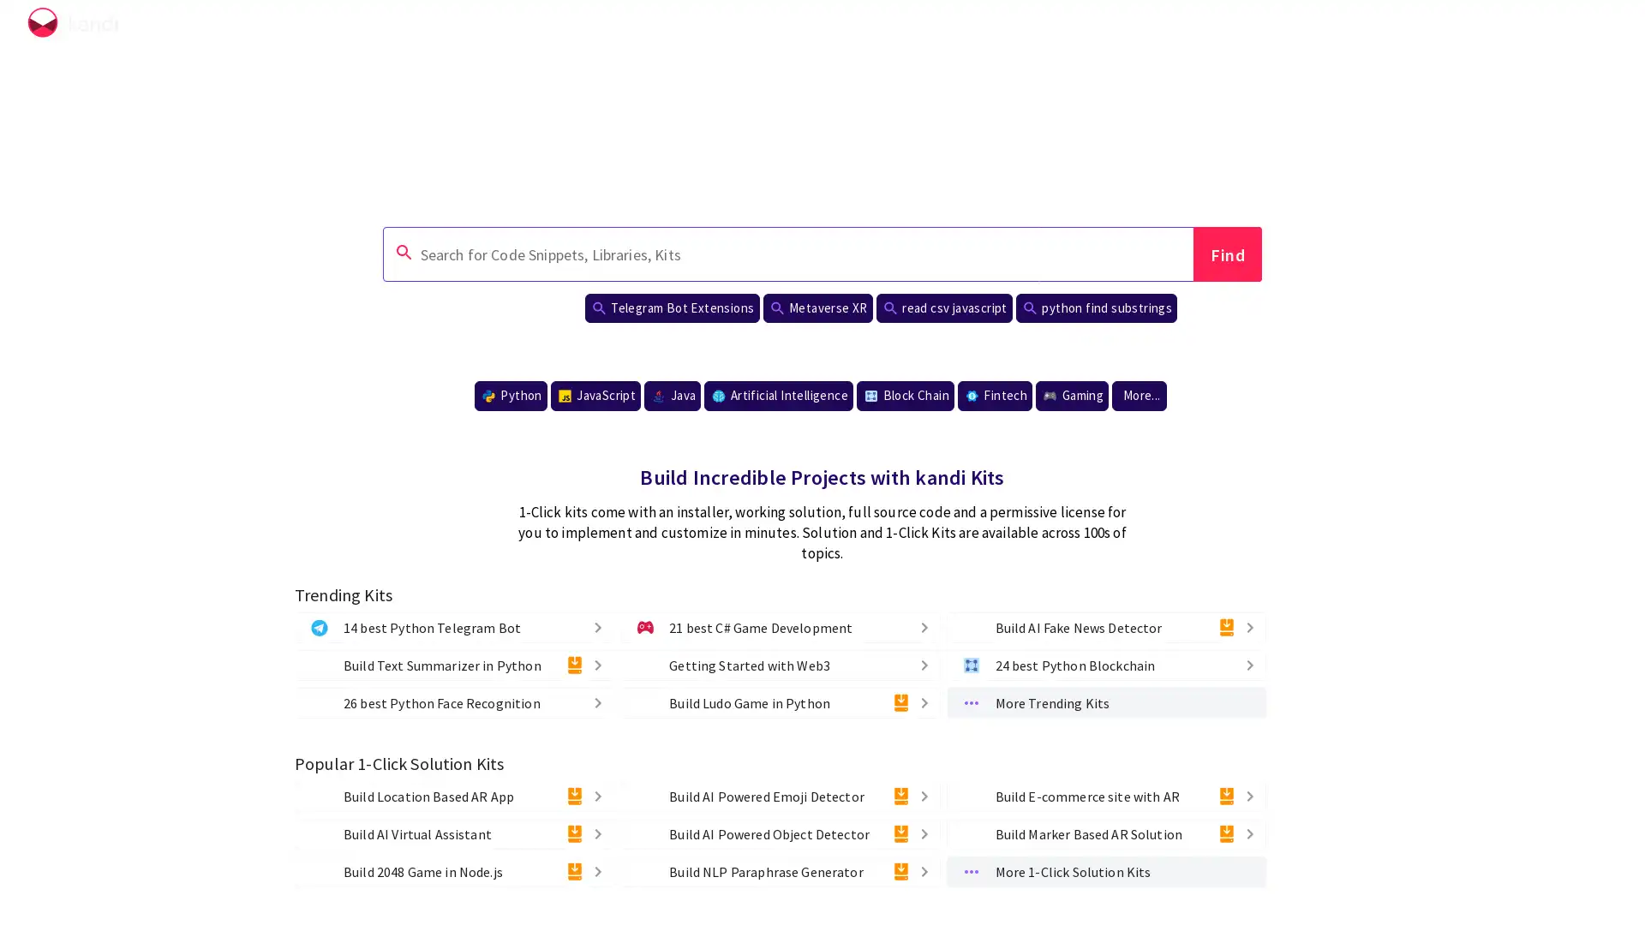 Image resolution: width=1645 pixels, height=925 pixels. What do you see at coordinates (1224, 796) in the screenshot?
I see `delete` at bounding box center [1224, 796].